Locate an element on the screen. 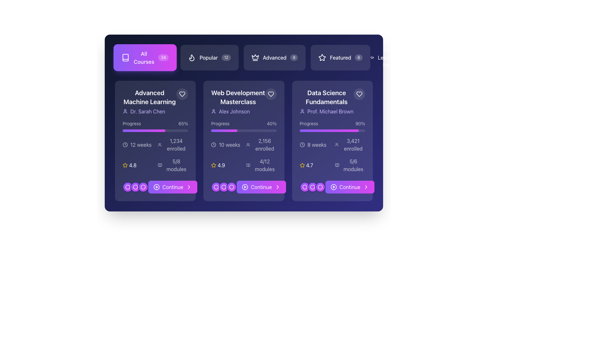  the 'All Courses' icon located on the top left of the interface, aligned with the text 'All Courses', below the navigation bar is located at coordinates (126, 58).